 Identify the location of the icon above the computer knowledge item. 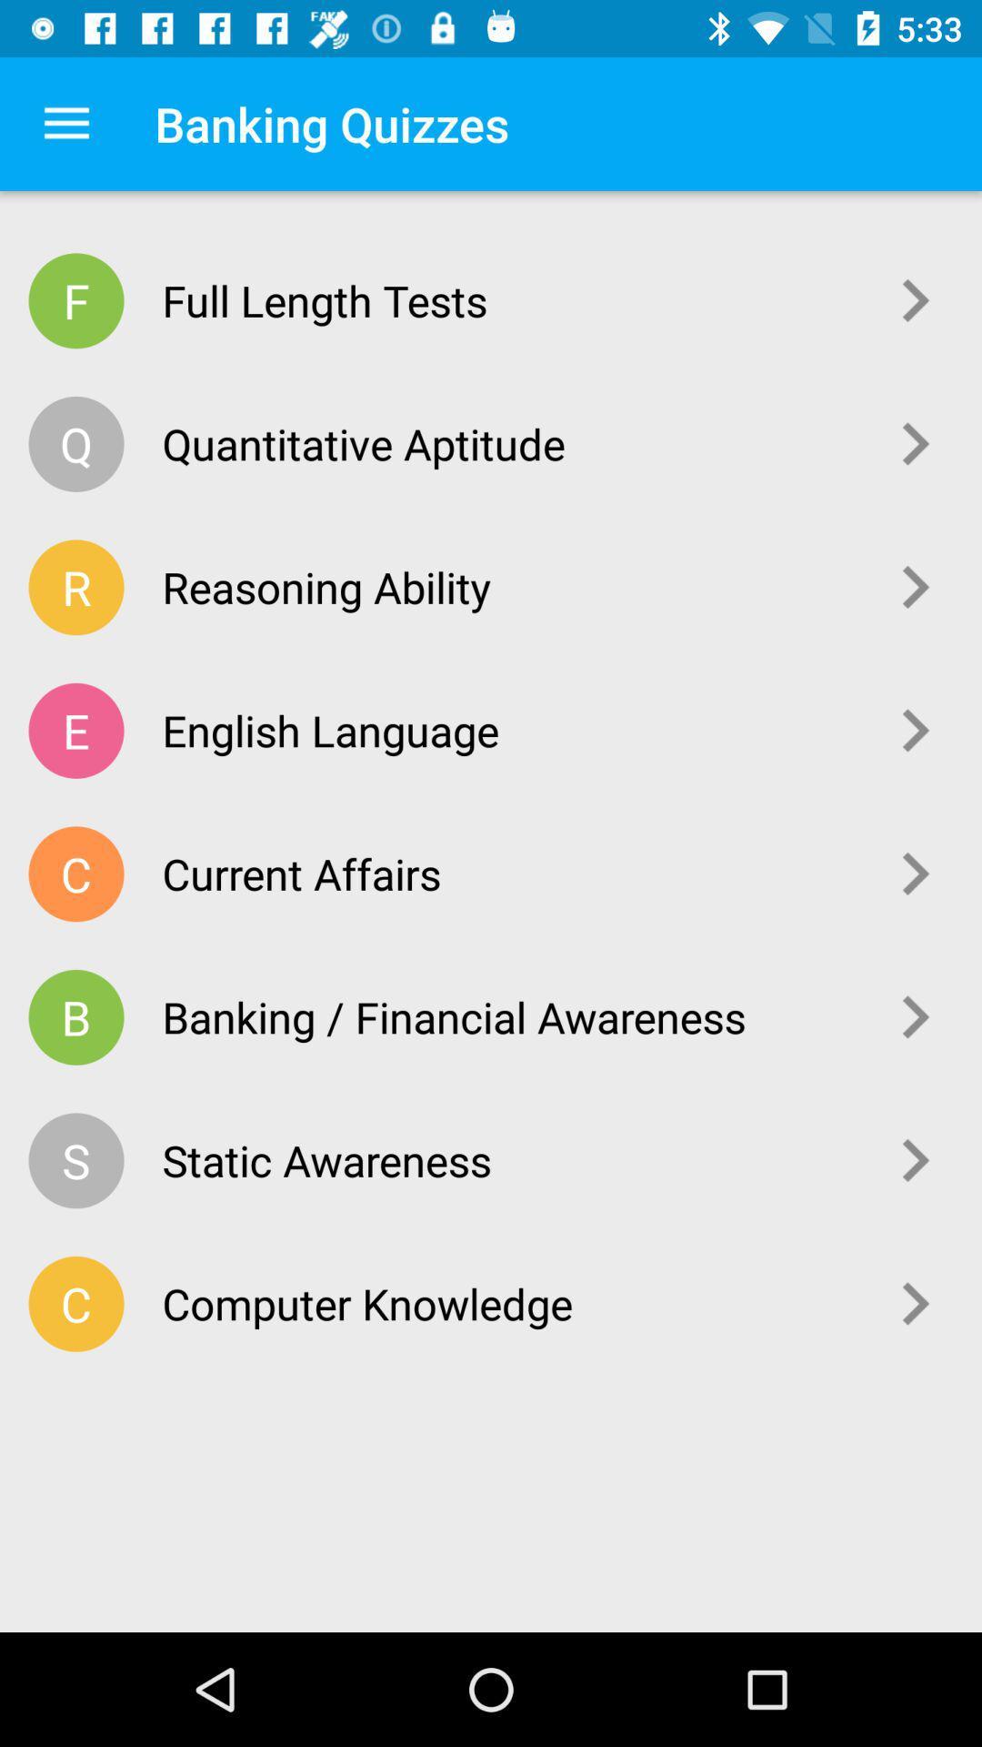
(510, 1159).